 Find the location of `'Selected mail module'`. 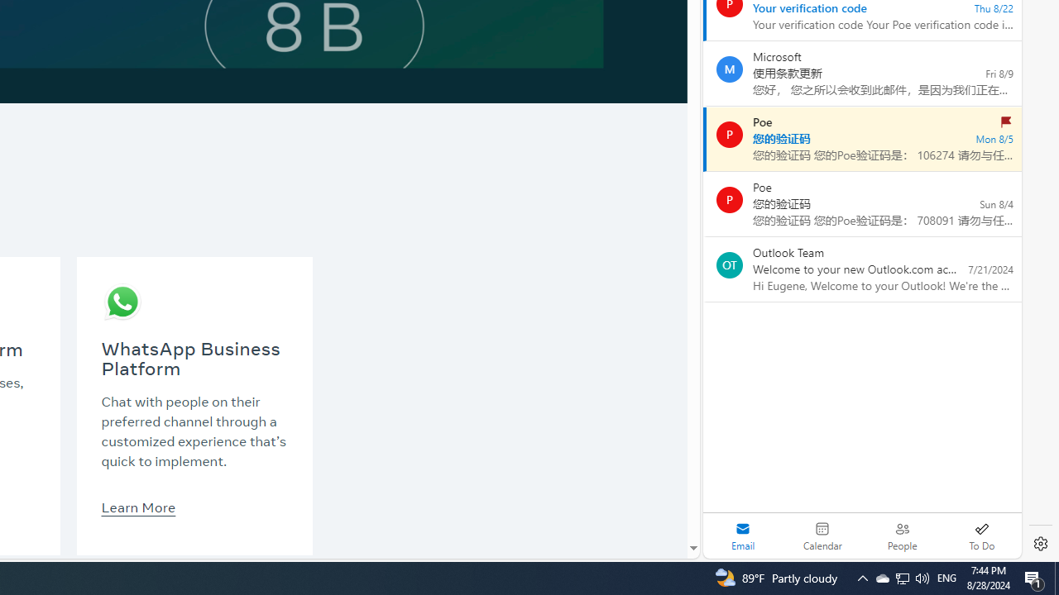

'Selected mail module' is located at coordinates (742, 535).